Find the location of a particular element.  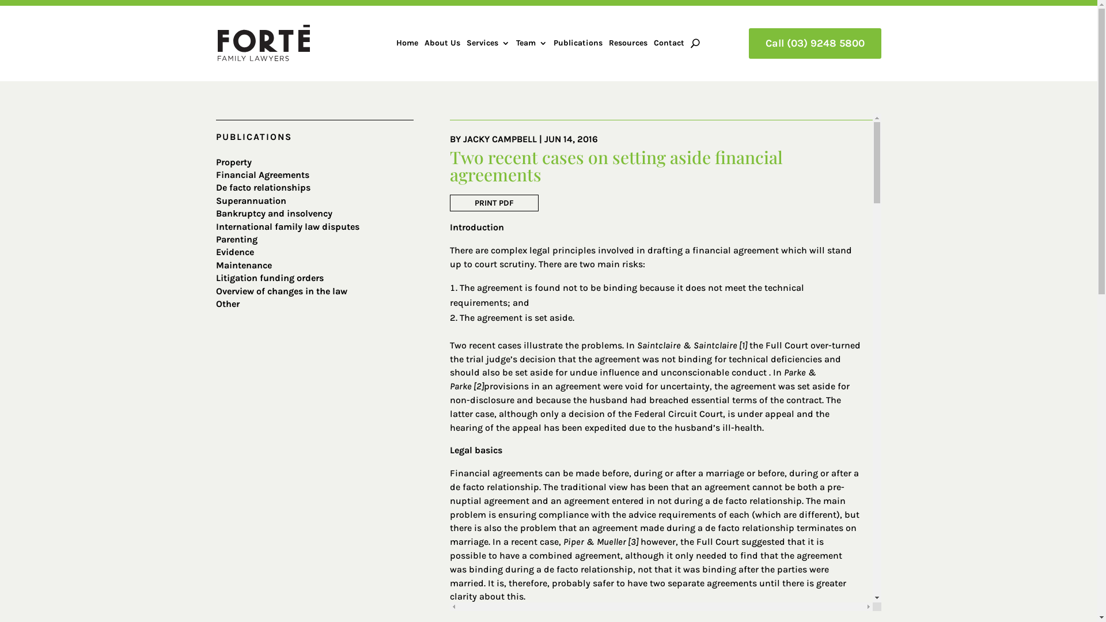

'Parenting' is located at coordinates (236, 238).